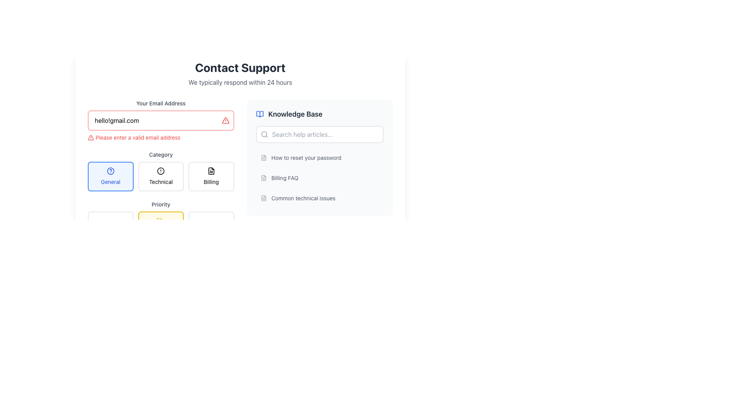 The height and width of the screenshot is (420, 746). Describe the element at coordinates (319, 178) in the screenshot. I see `the clickable link in the 'Knowledge Base' section that leads to the FAQ about billing inquiries, positioned below 'How to reset your password'` at that location.